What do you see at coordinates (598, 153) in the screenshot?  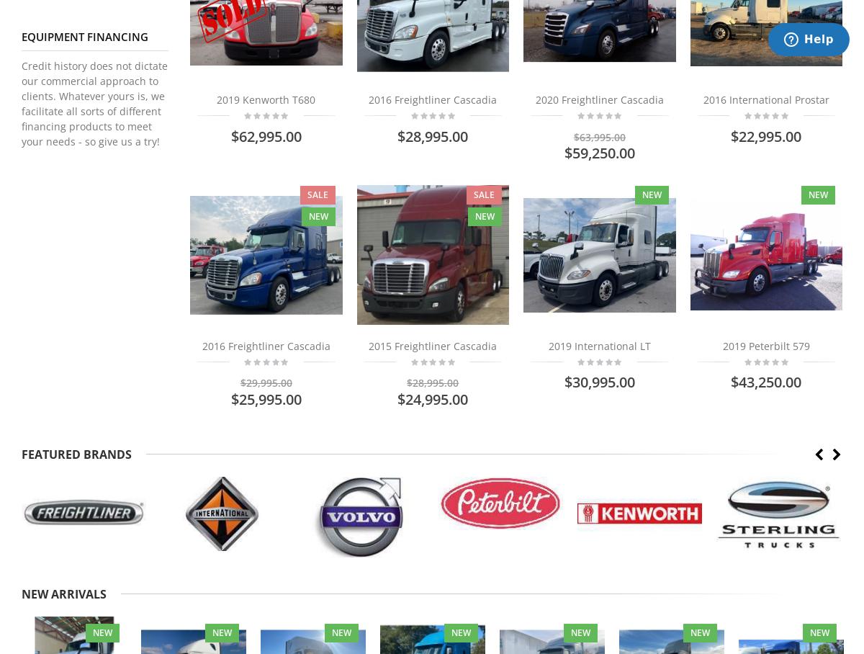 I see `'$59,250.00'` at bounding box center [598, 153].